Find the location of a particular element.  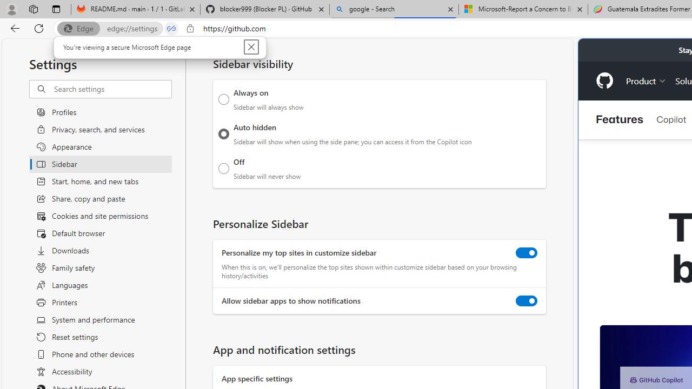

'Off Sidebar will never show' is located at coordinates (223, 168).